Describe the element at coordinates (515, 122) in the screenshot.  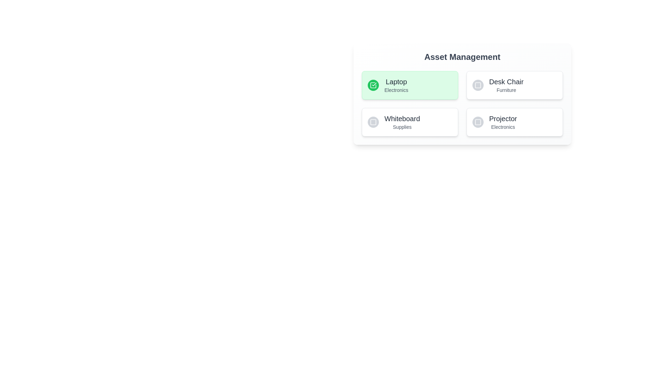
I see `the asset item identified by Projector` at that location.